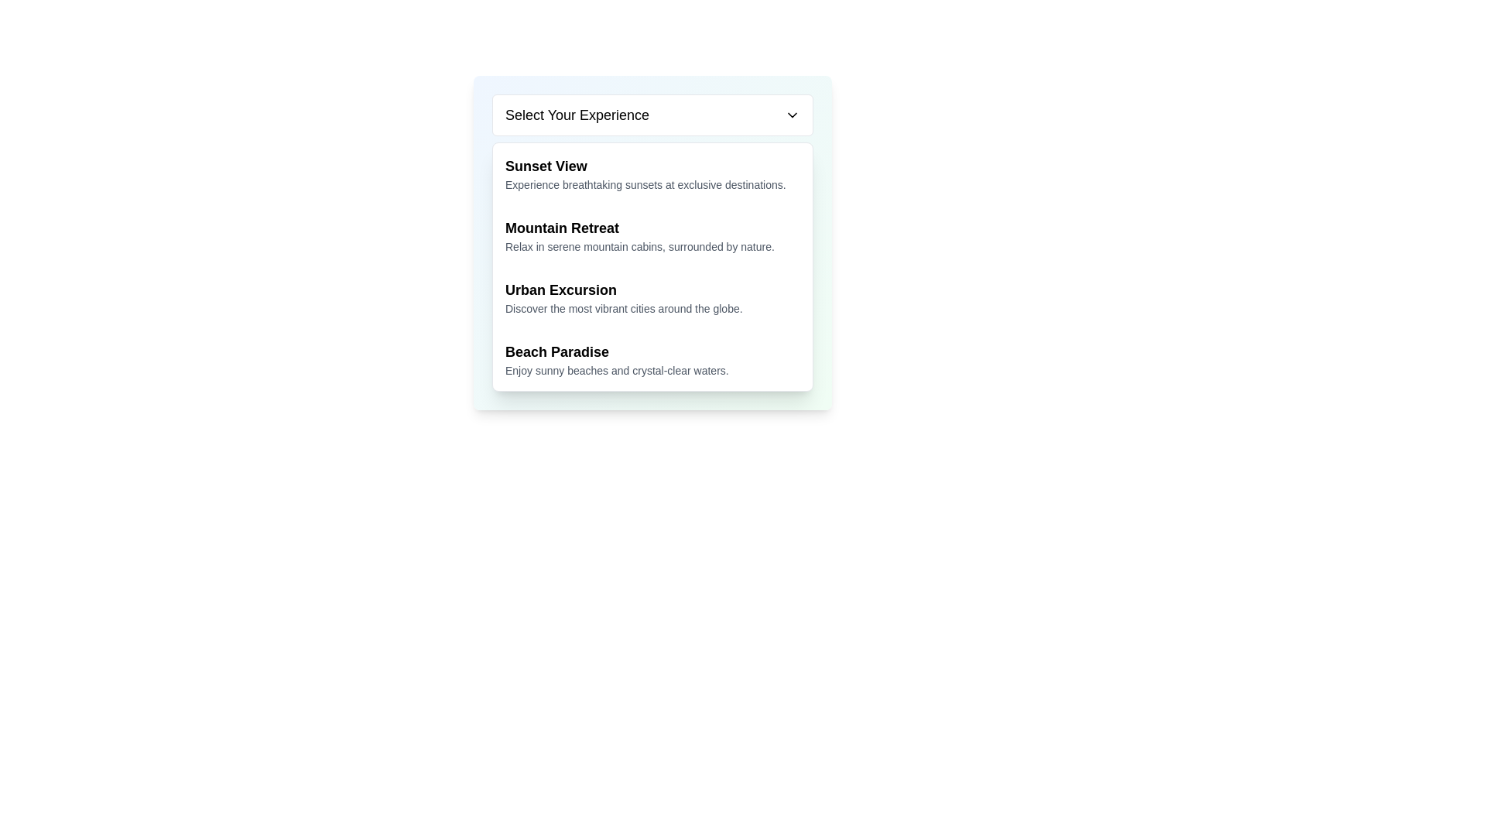 This screenshot has width=1486, height=836. Describe the element at coordinates (652, 184) in the screenshot. I see `the text label providing additional descriptive information about the 'Sunset View' option located directly below the title 'Sunset View' in the selectable list layout` at that location.